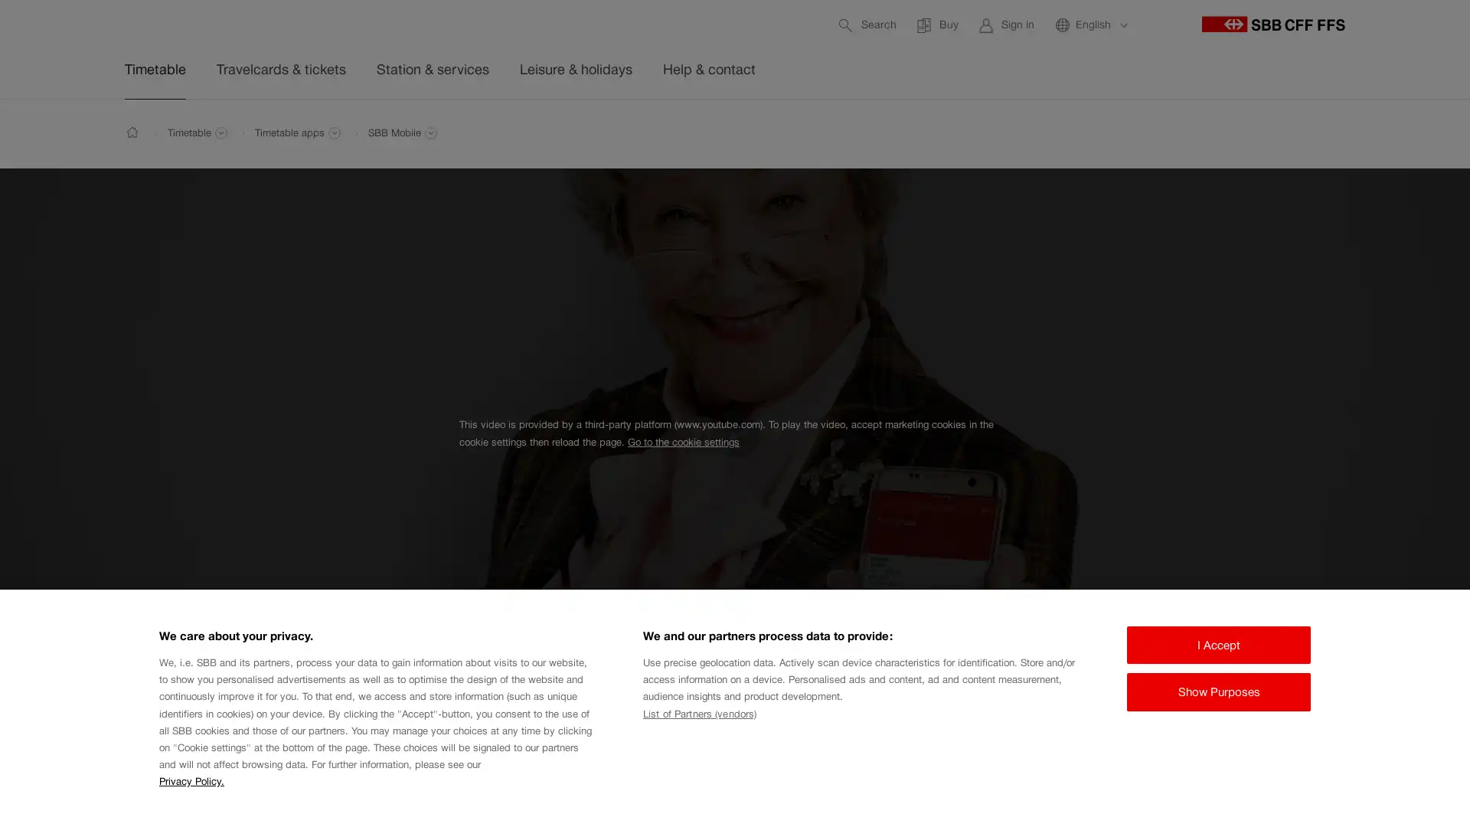 The height and width of the screenshot is (827, 1470). I want to click on Close active menu item Help & contact., so click(1363, 135).